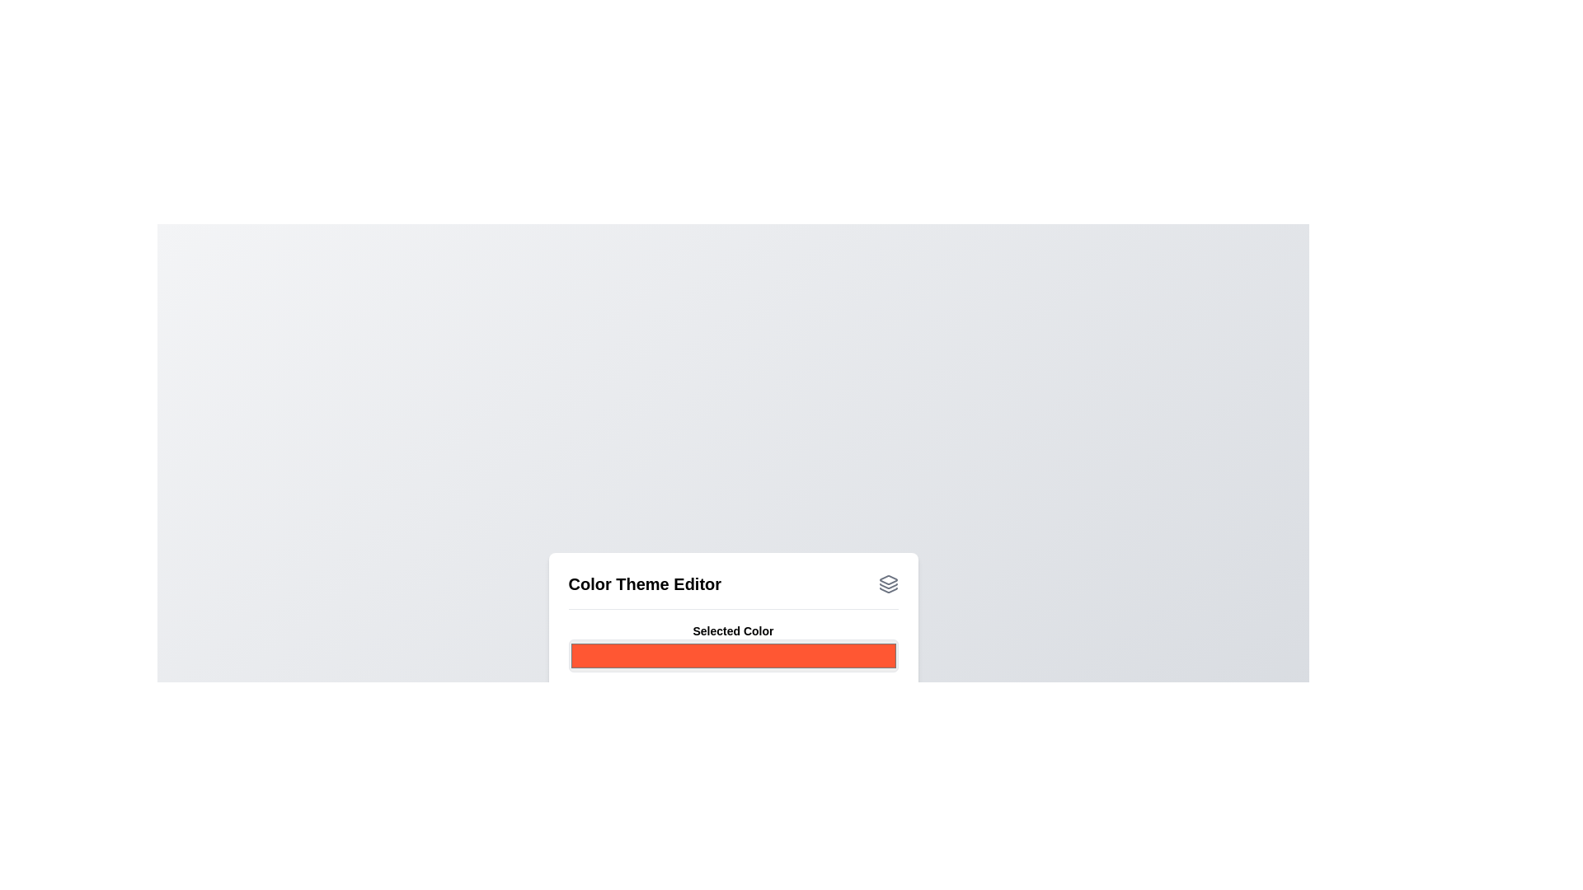 The height and width of the screenshot is (890, 1583). What do you see at coordinates (732, 647) in the screenshot?
I see `the Color display box which visually represents the selected color and displays its label, located under the title 'Color Theme Editor'` at bounding box center [732, 647].